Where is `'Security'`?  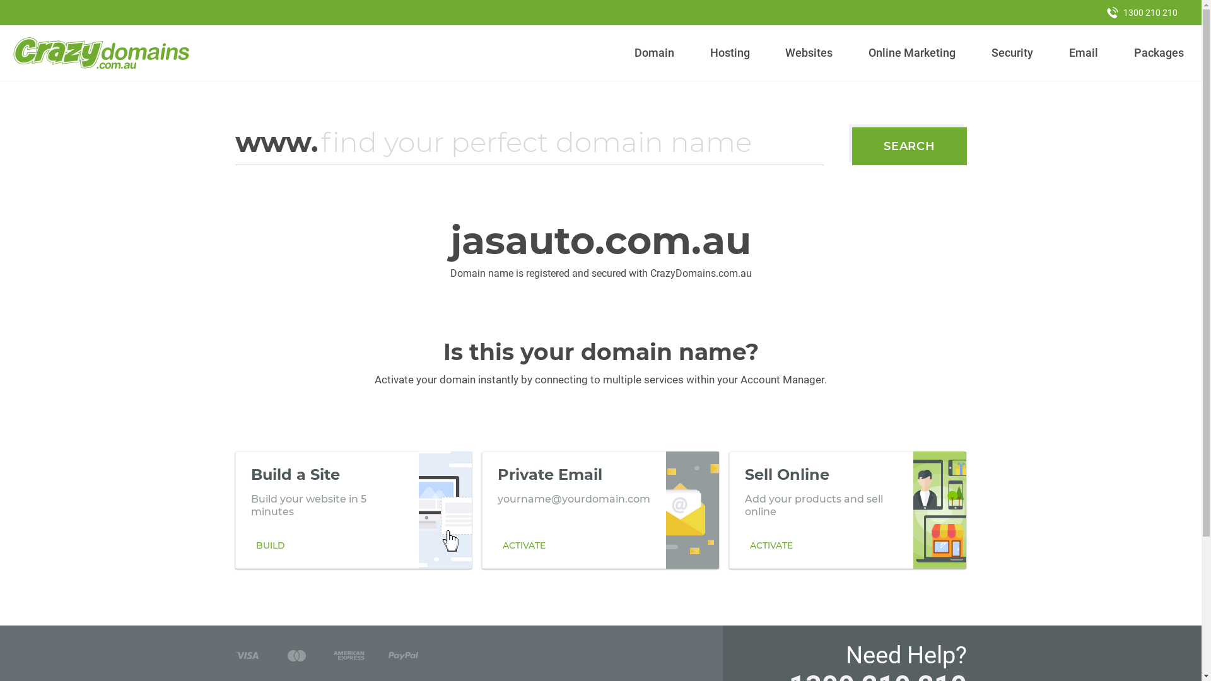 'Security' is located at coordinates (1012, 52).